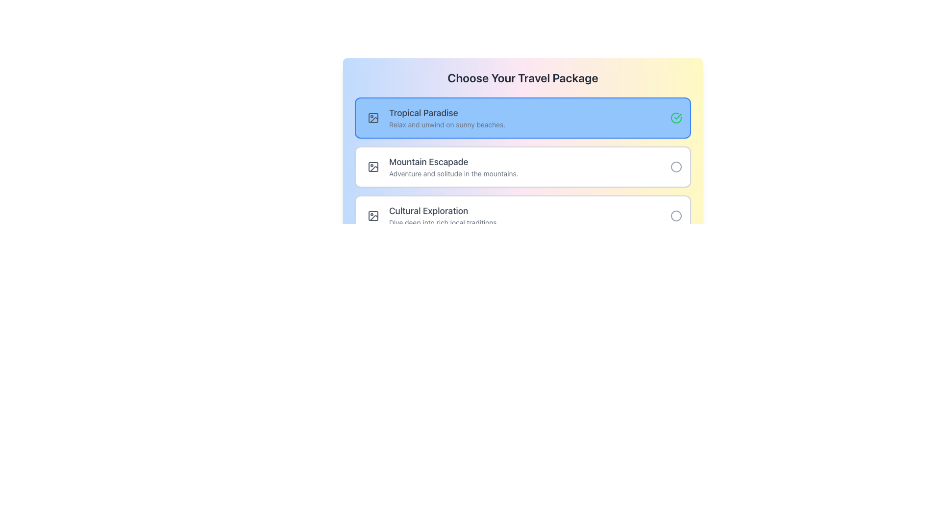  I want to click on the image icon representing the photograph in the second option of the travel package selection, located before the text 'Mountain Escapade', so click(373, 166).